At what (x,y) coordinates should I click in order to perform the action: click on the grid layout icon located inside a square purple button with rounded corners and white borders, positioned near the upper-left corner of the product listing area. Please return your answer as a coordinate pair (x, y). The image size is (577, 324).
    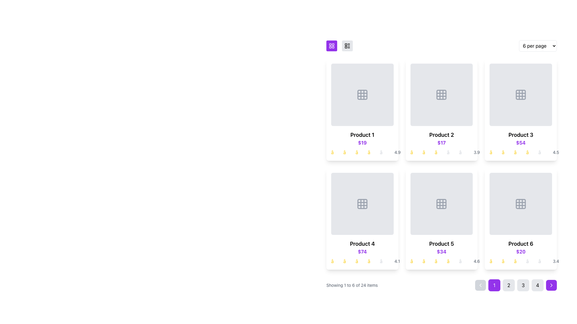
    Looking at the image, I should click on (331, 46).